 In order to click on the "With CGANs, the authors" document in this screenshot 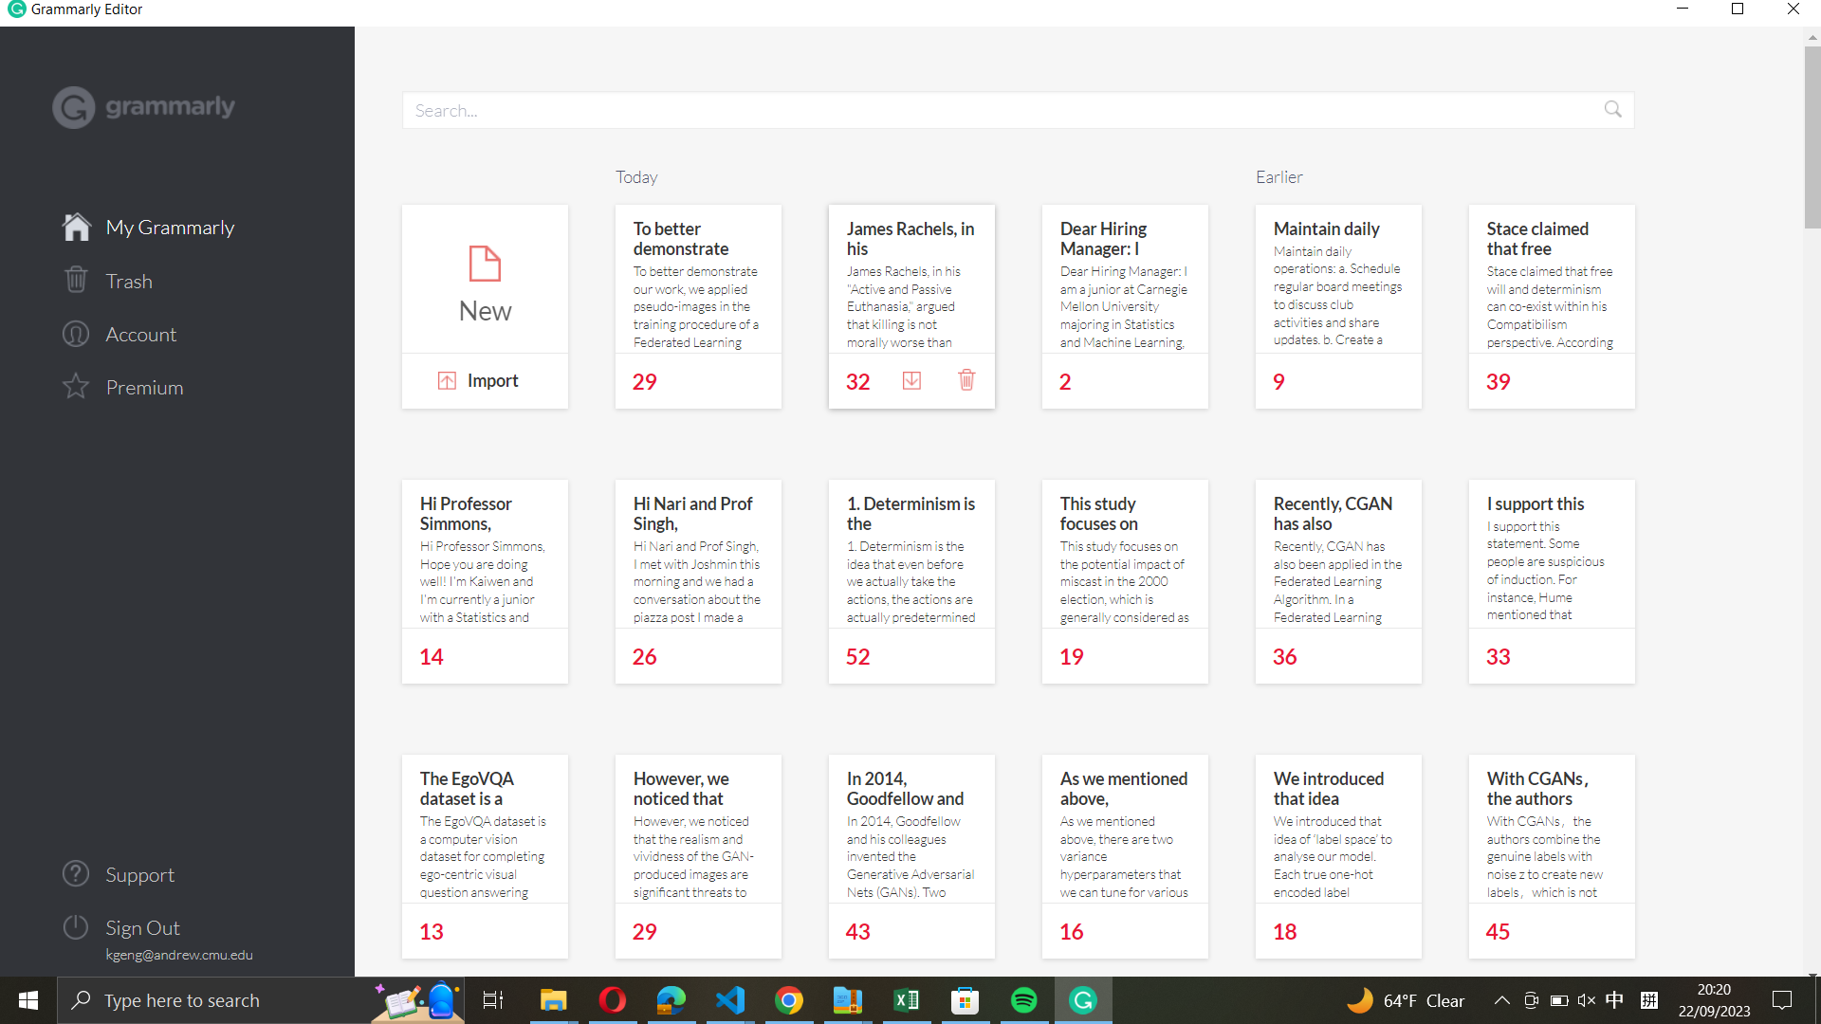, I will do `click(1552, 827)`.